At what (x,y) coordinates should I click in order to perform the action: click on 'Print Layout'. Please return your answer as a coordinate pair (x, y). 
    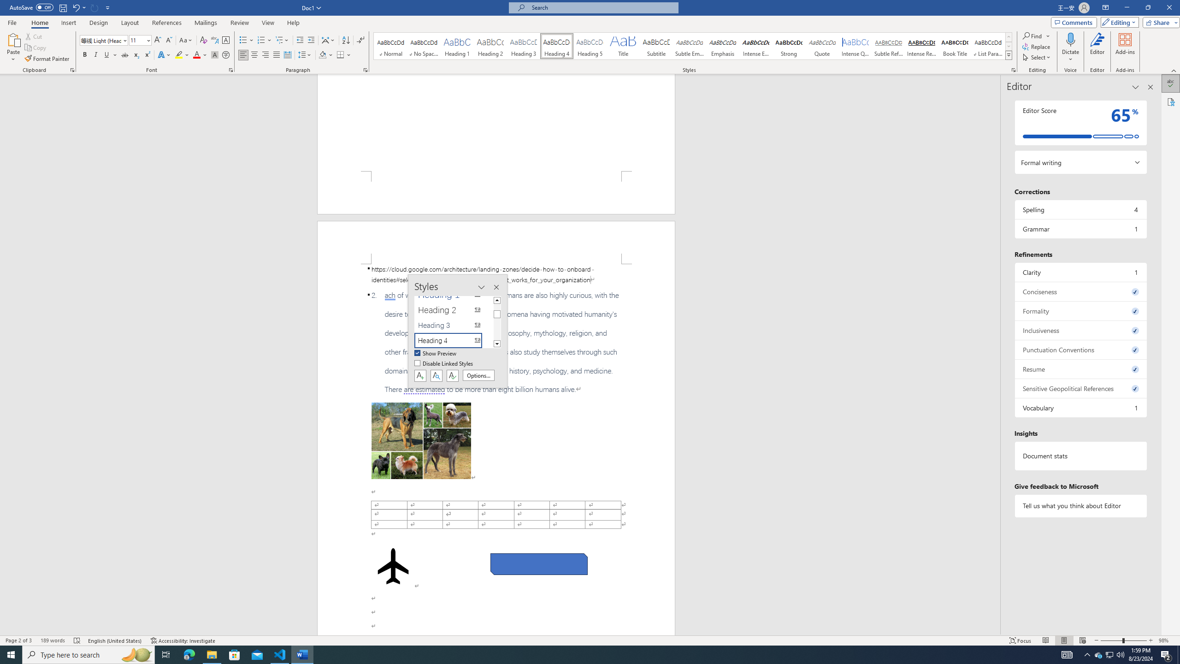
    Looking at the image, I should click on (1064, 640).